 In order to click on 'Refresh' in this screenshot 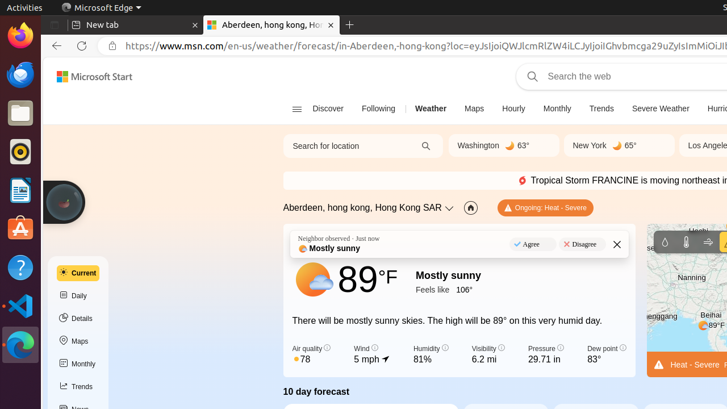, I will do `click(81, 45)`.